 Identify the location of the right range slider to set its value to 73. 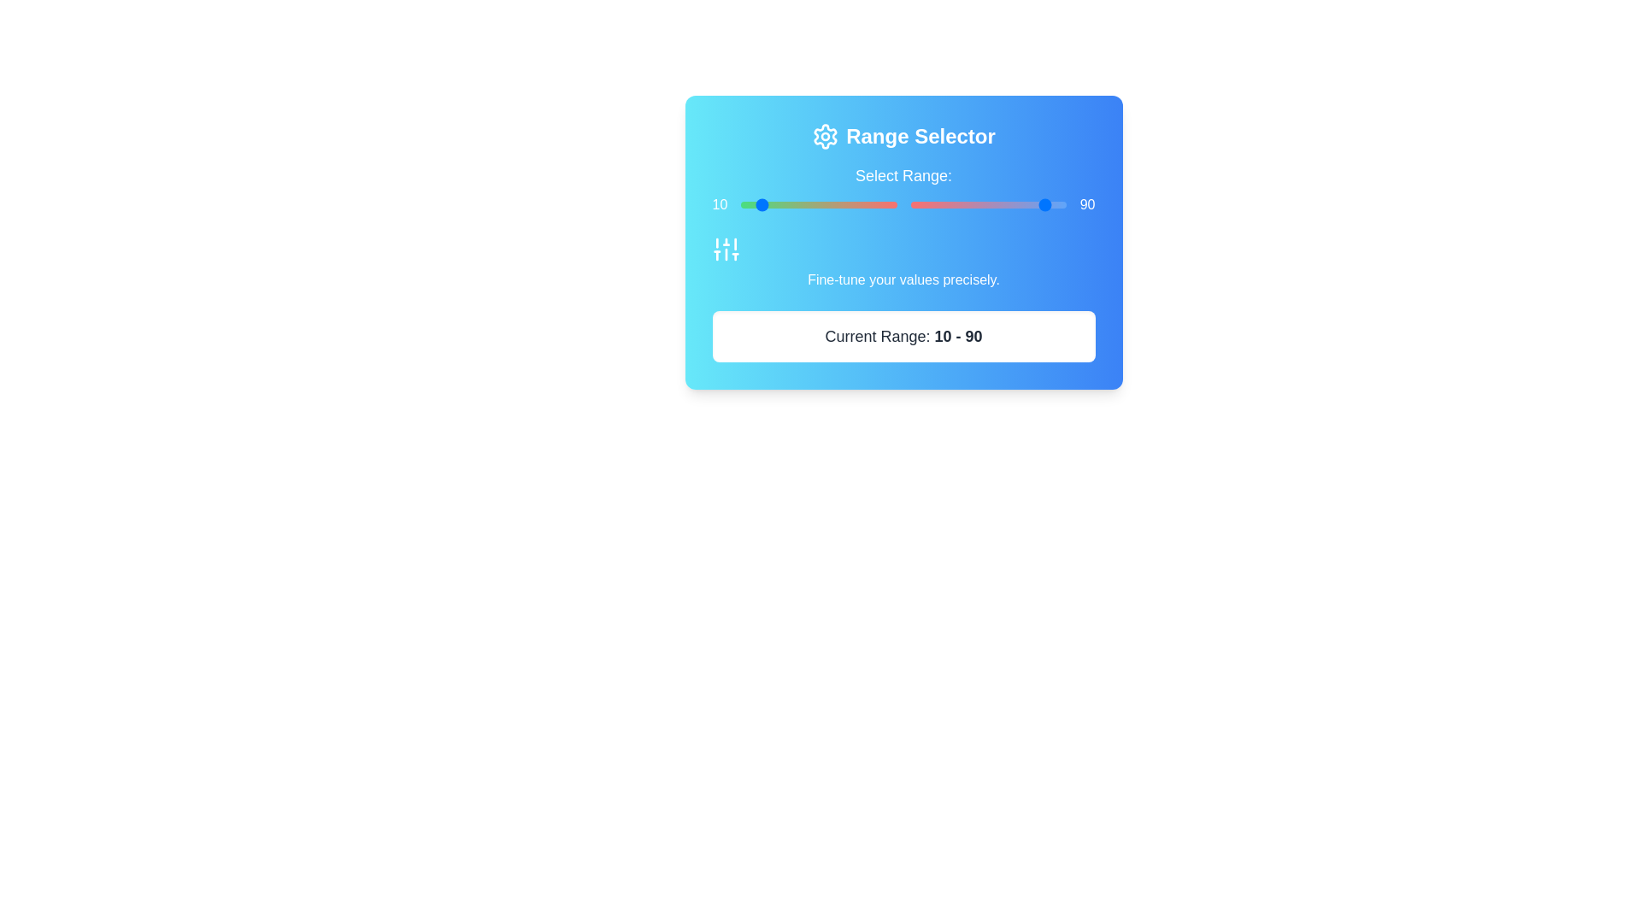
(1024, 203).